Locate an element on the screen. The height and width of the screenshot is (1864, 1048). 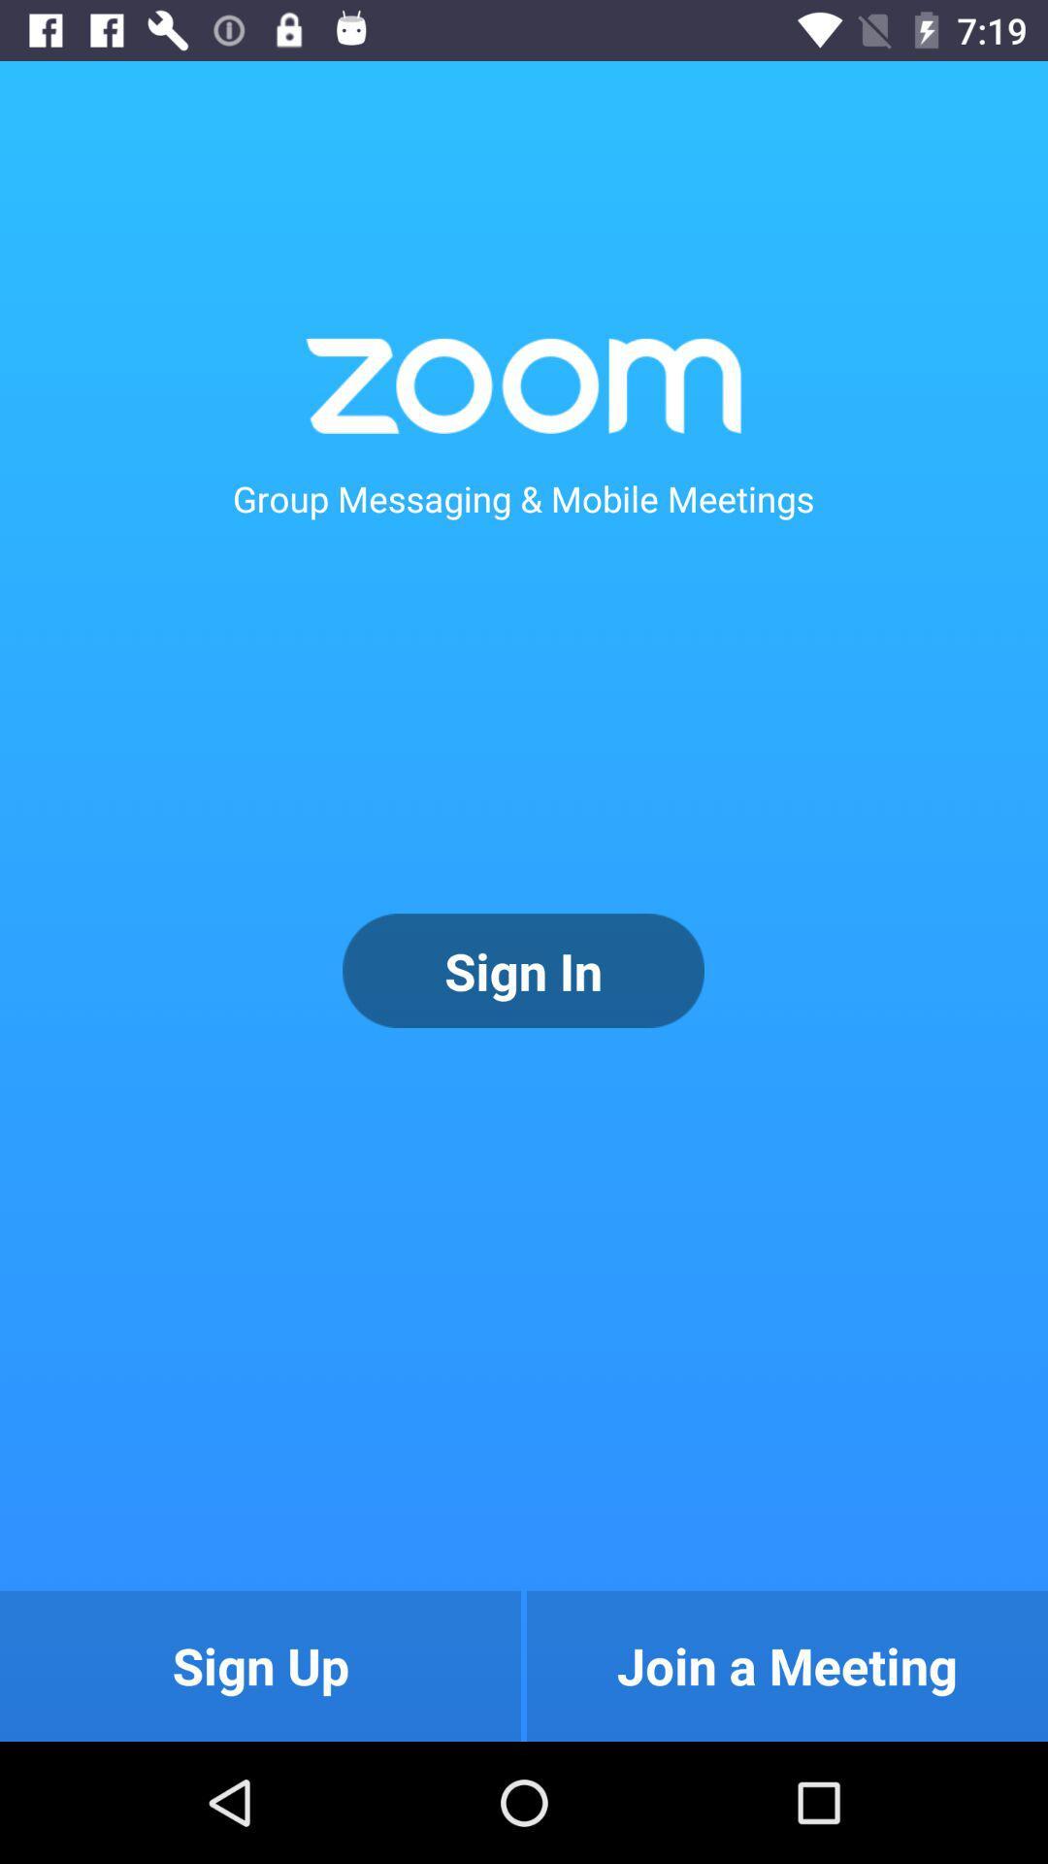
the button next to the sign up icon is located at coordinates (787, 1665).